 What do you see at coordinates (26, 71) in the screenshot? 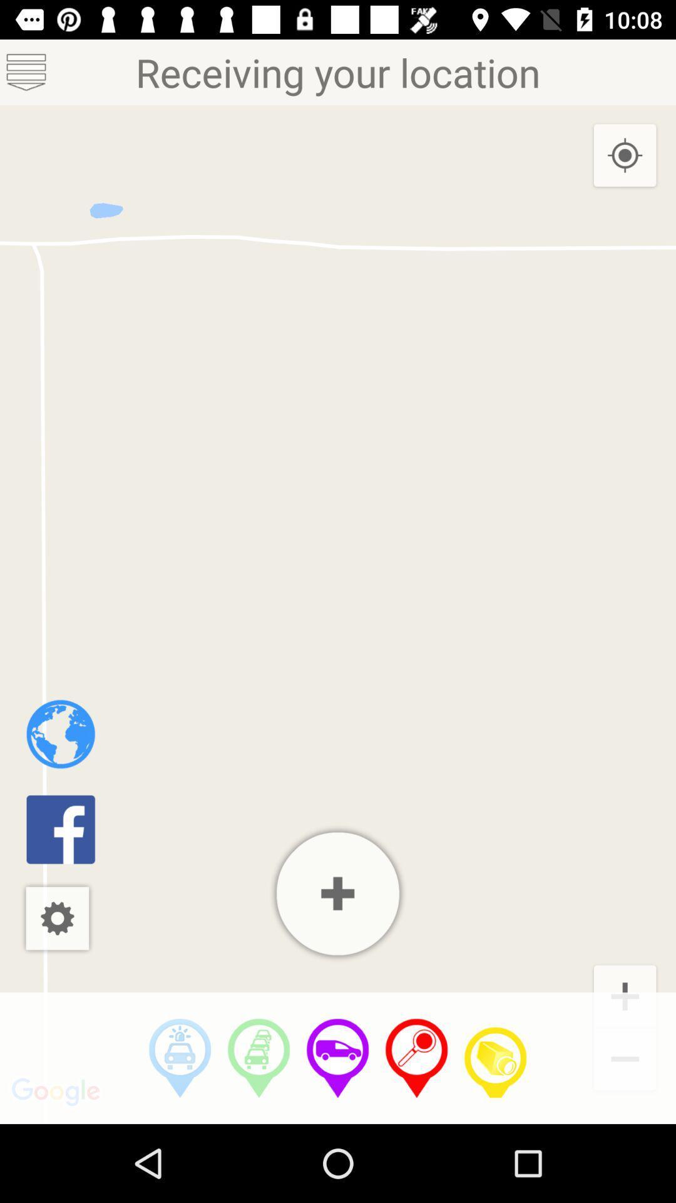
I see `the list icon` at bounding box center [26, 71].